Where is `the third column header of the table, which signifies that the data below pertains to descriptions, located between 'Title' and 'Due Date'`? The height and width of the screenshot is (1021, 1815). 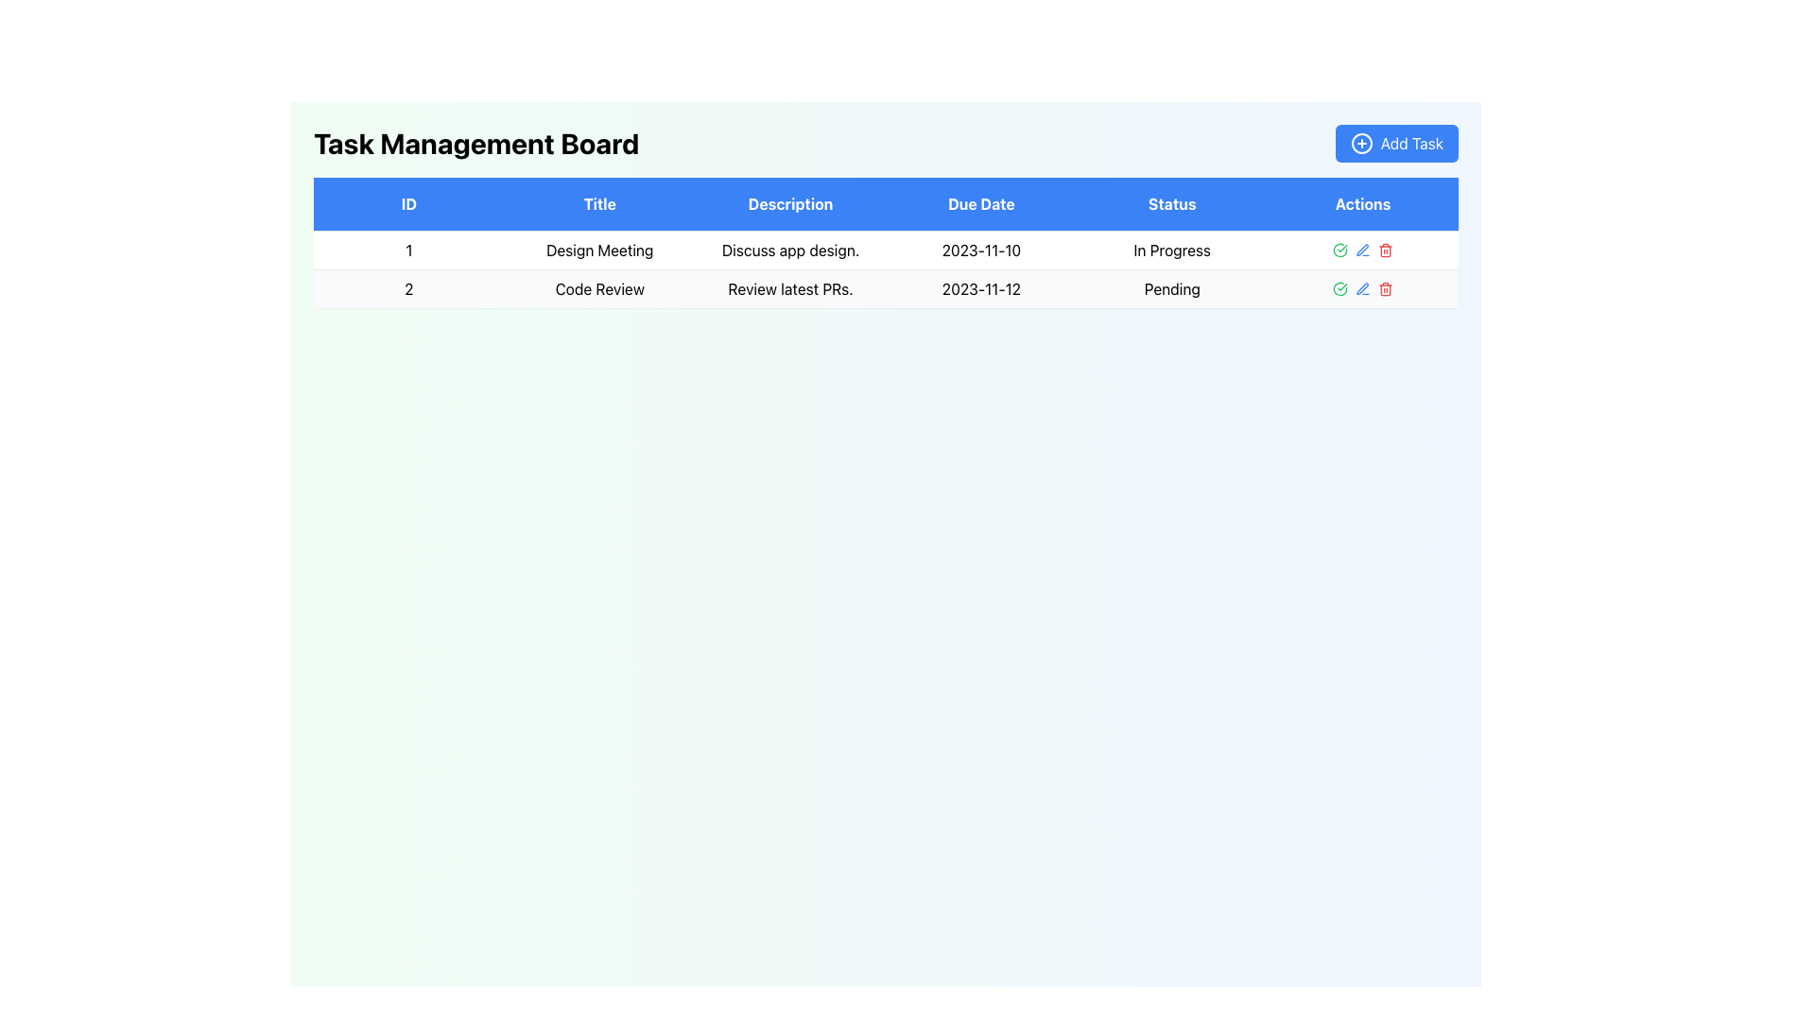 the third column header of the table, which signifies that the data below pertains to descriptions, located between 'Title' and 'Due Date' is located at coordinates (790, 204).